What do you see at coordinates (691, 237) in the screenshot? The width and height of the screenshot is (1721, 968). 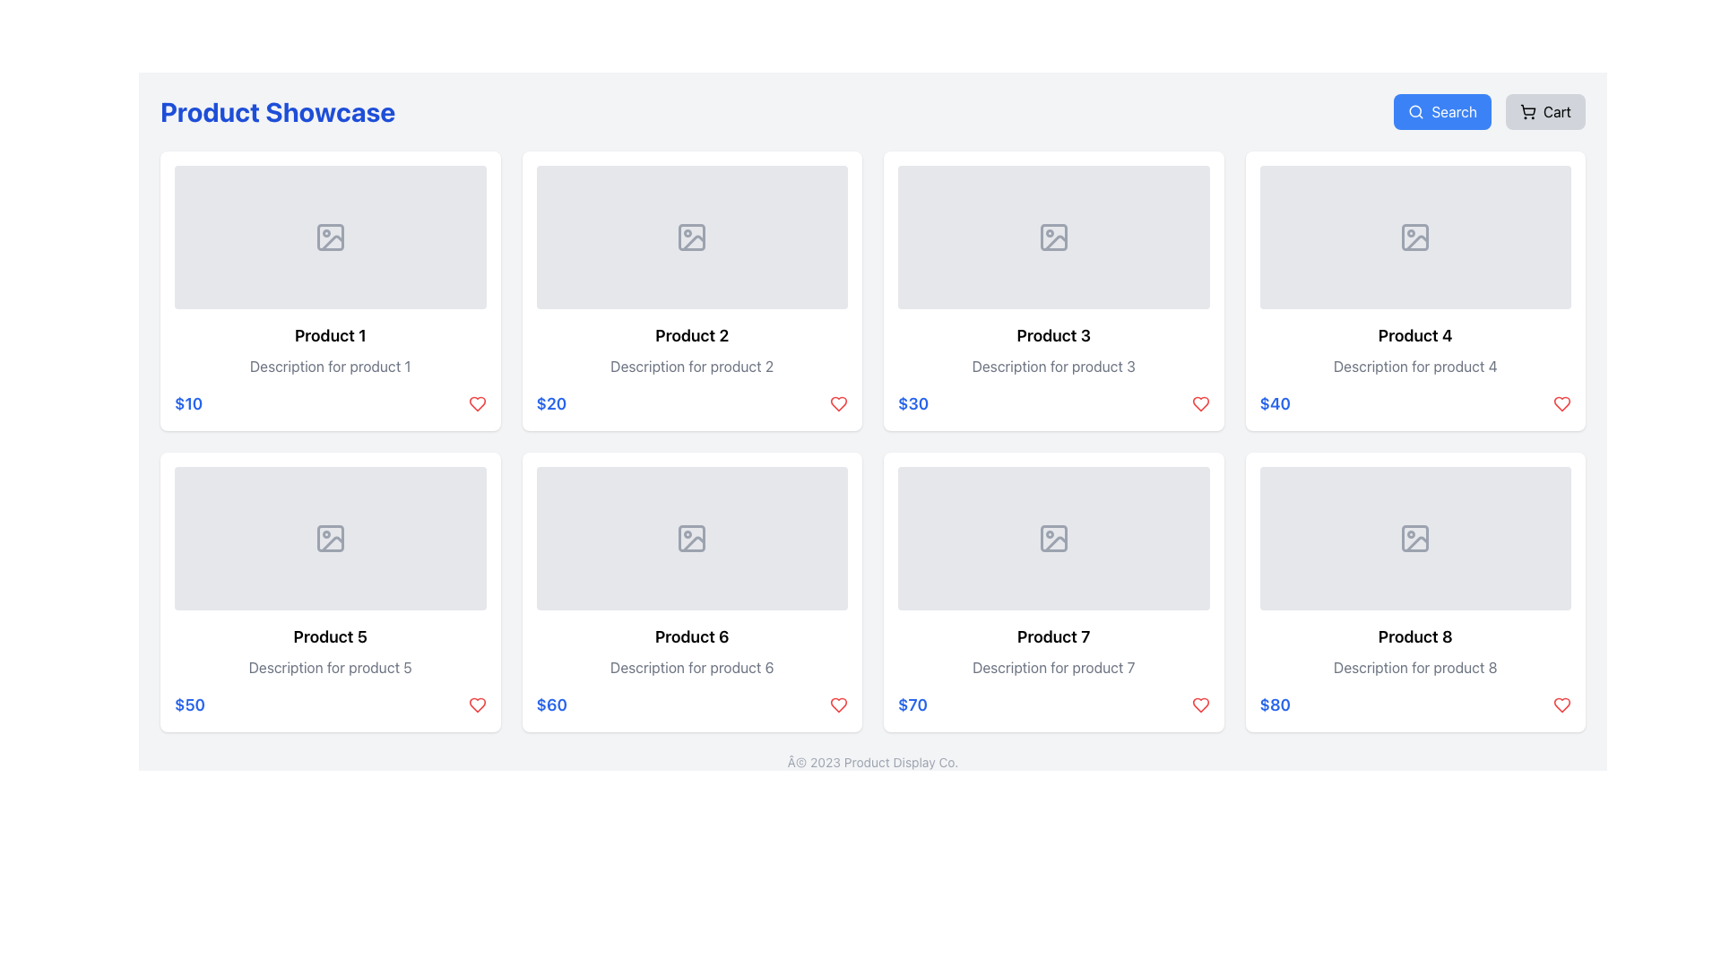 I see `the icon depicting a mountain and sun, which is centered in the light gray rectangular card labeled 'Product 2' in the product showcase interface` at bounding box center [691, 237].